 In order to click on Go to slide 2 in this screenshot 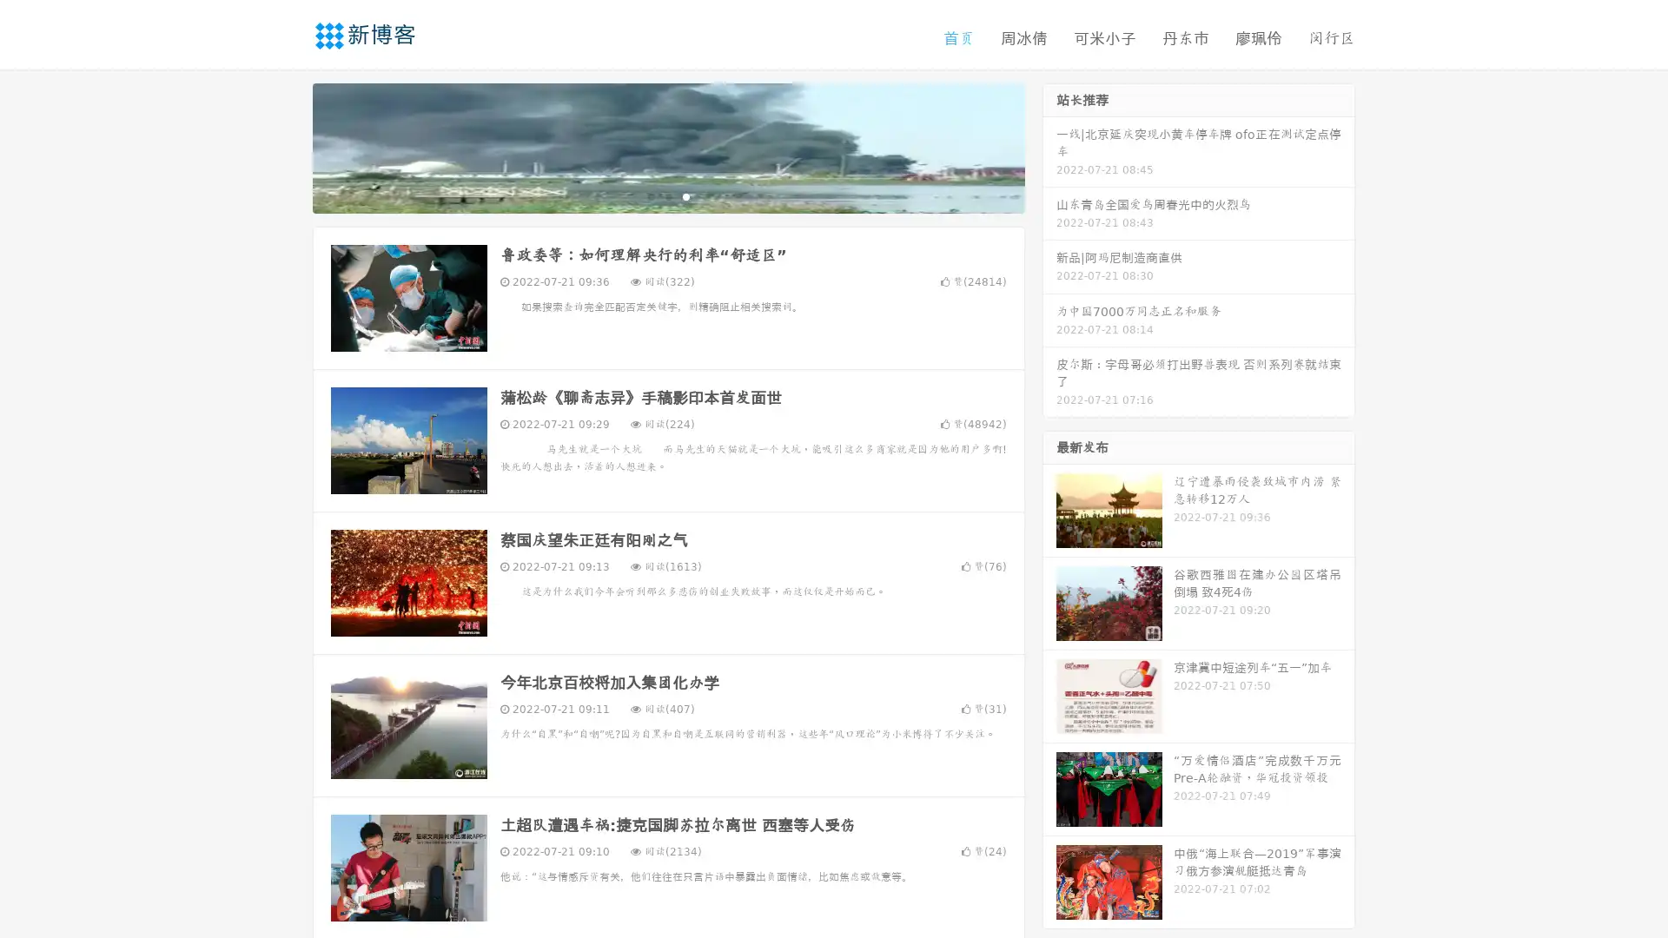, I will do `click(667, 195)`.